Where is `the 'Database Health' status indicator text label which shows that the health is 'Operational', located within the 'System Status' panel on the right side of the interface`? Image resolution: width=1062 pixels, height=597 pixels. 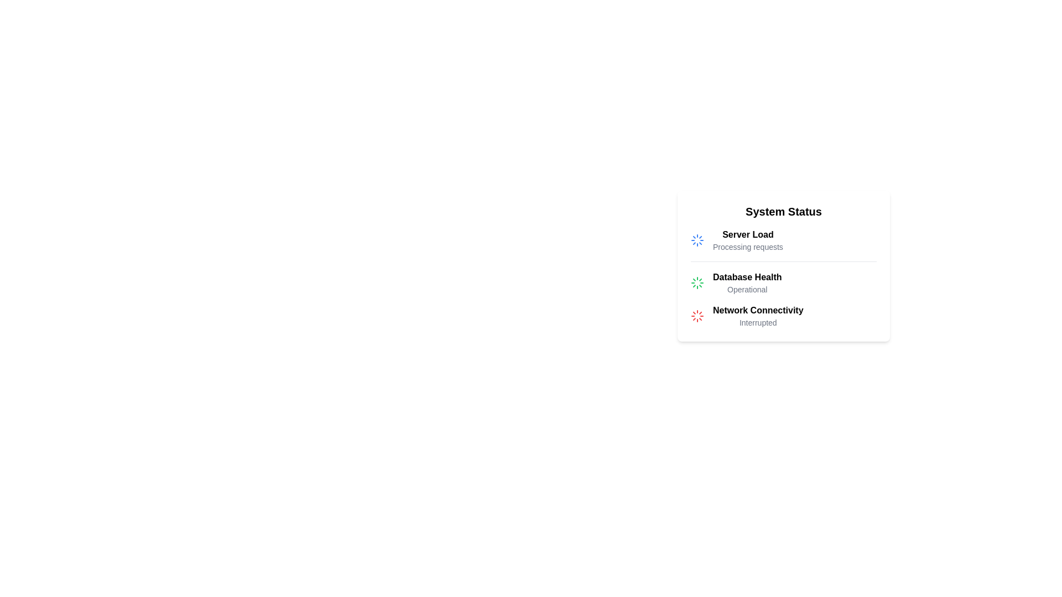 the 'Database Health' status indicator text label which shows that the health is 'Operational', located within the 'System Status' panel on the right side of the interface is located at coordinates (747, 289).